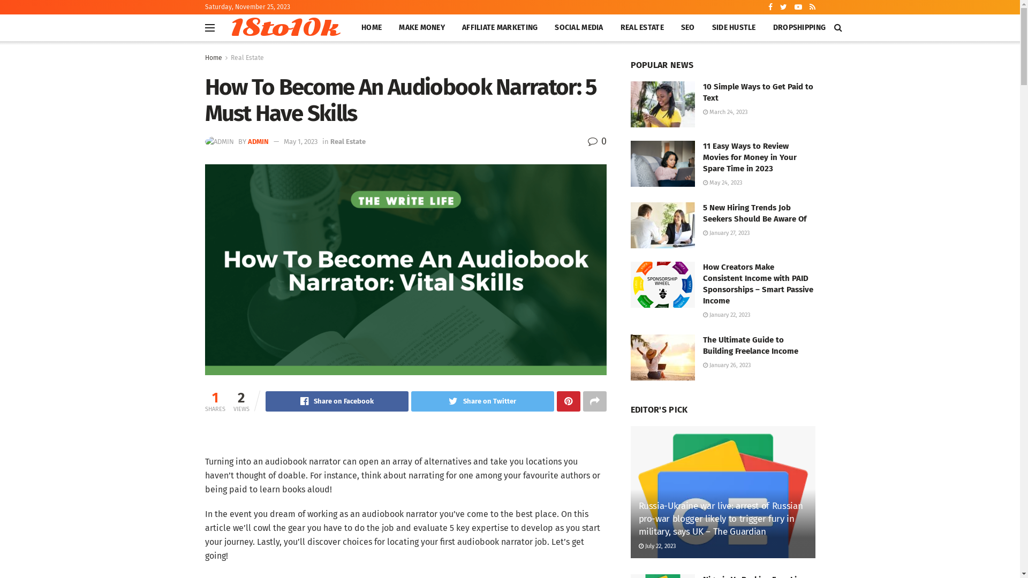 This screenshot has width=1028, height=578. What do you see at coordinates (300, 141) in the screenshot?
I see `'May 1, 2023'` at bounding box center [300, 141].